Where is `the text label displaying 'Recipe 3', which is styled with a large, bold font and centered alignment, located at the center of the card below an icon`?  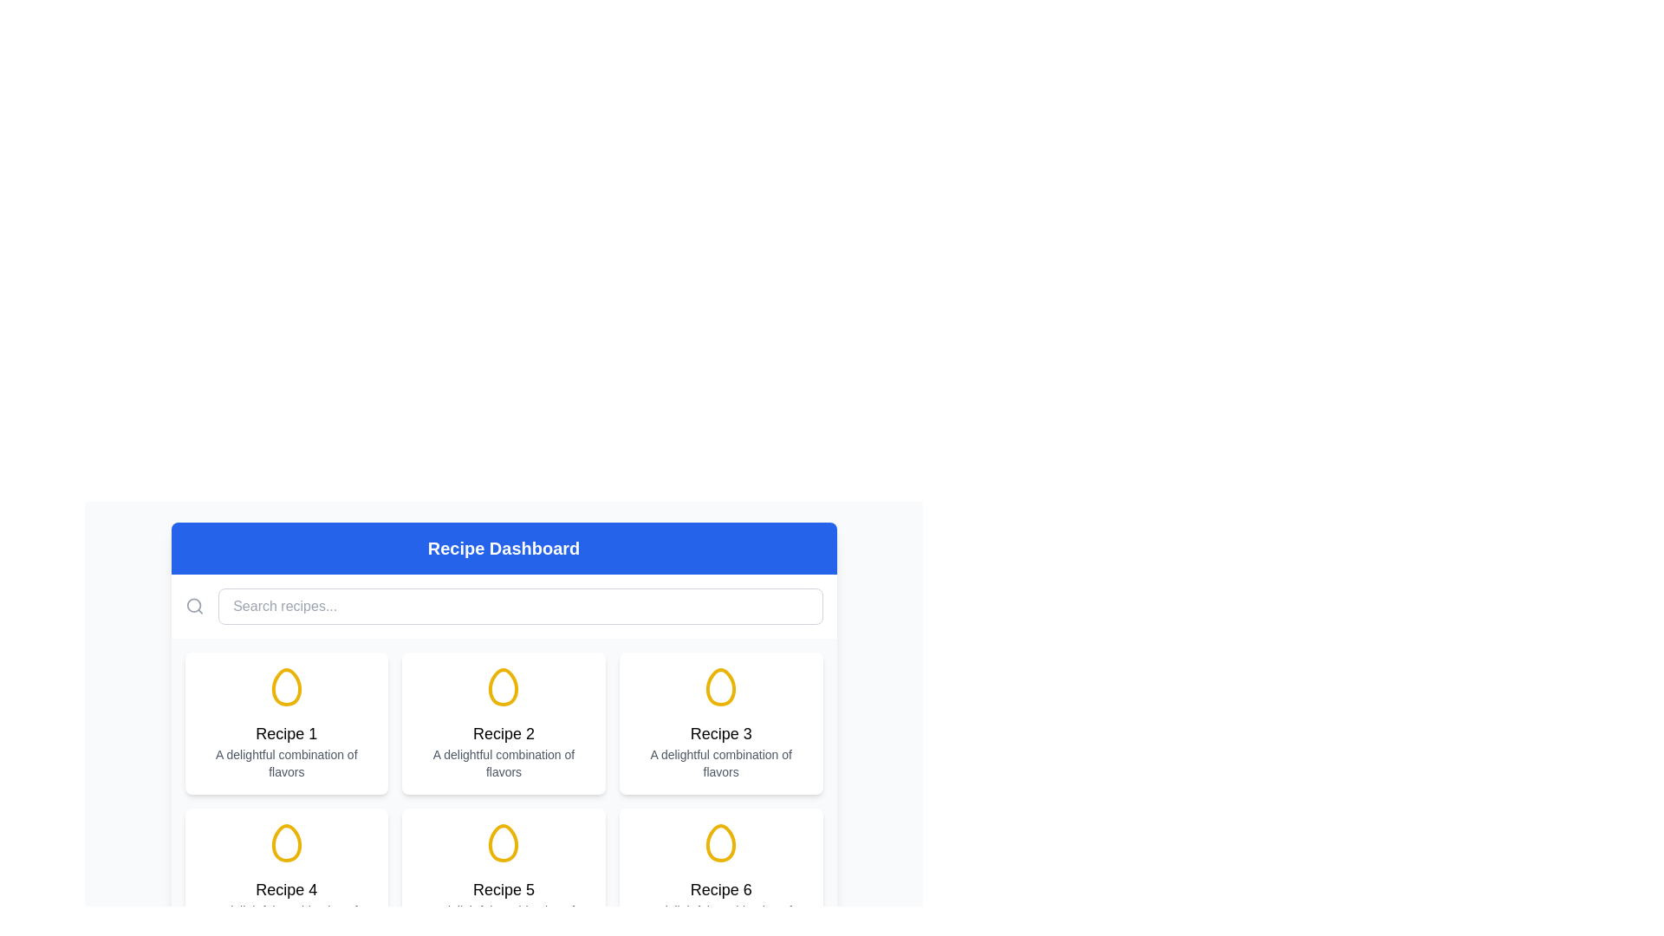 the text label displaying 'Recipe 3', which is styled with a large, bold font and centered alignment, located at the center of the card below an icon is located at coordinates (721, 734).